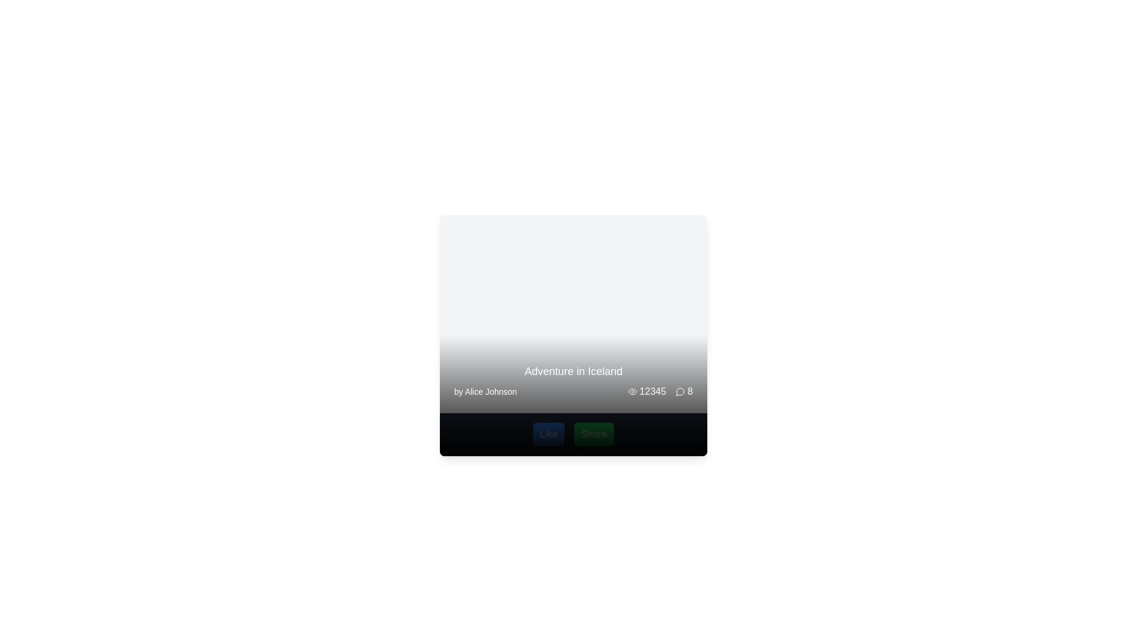 The image size is (1146, 644). What do you see at coordinates (485, 391) in the screenshot?
I see `the static label that reads 'by Alice Johnson', located at the bottom left of the card, to the left of numerical statistics and icons` at bounding box center [485, 391].